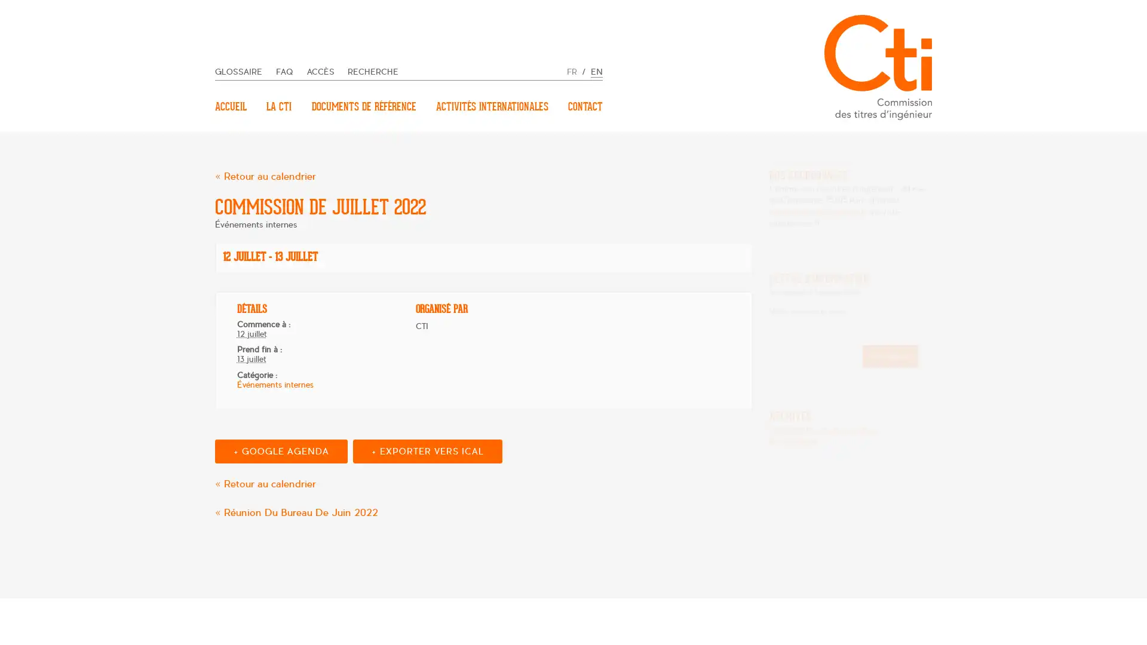 The image size is (1147, 645). Describe the element at coordinates (895, 361) in the screenshot. I see `Inscription` at that location.